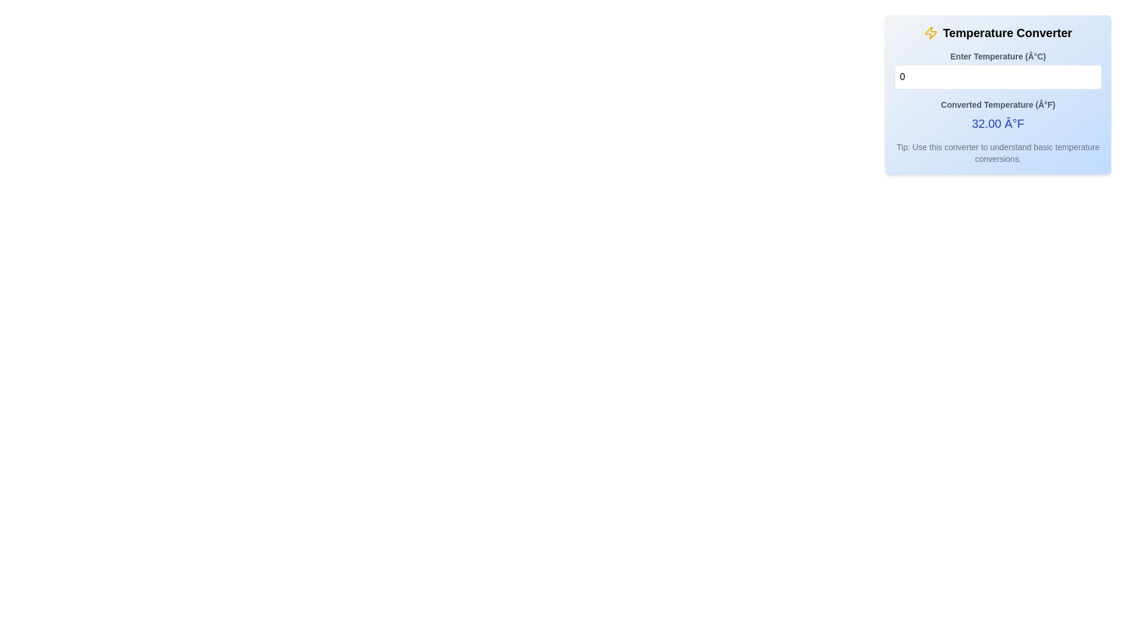 This screenshot has width=1130, height=636. Describe the element at coordinates (930, 32) in the screenshot. I see `the decorative icon representing energy or power located at the top left corner of the temperature converter component, above the main text title` at that location.